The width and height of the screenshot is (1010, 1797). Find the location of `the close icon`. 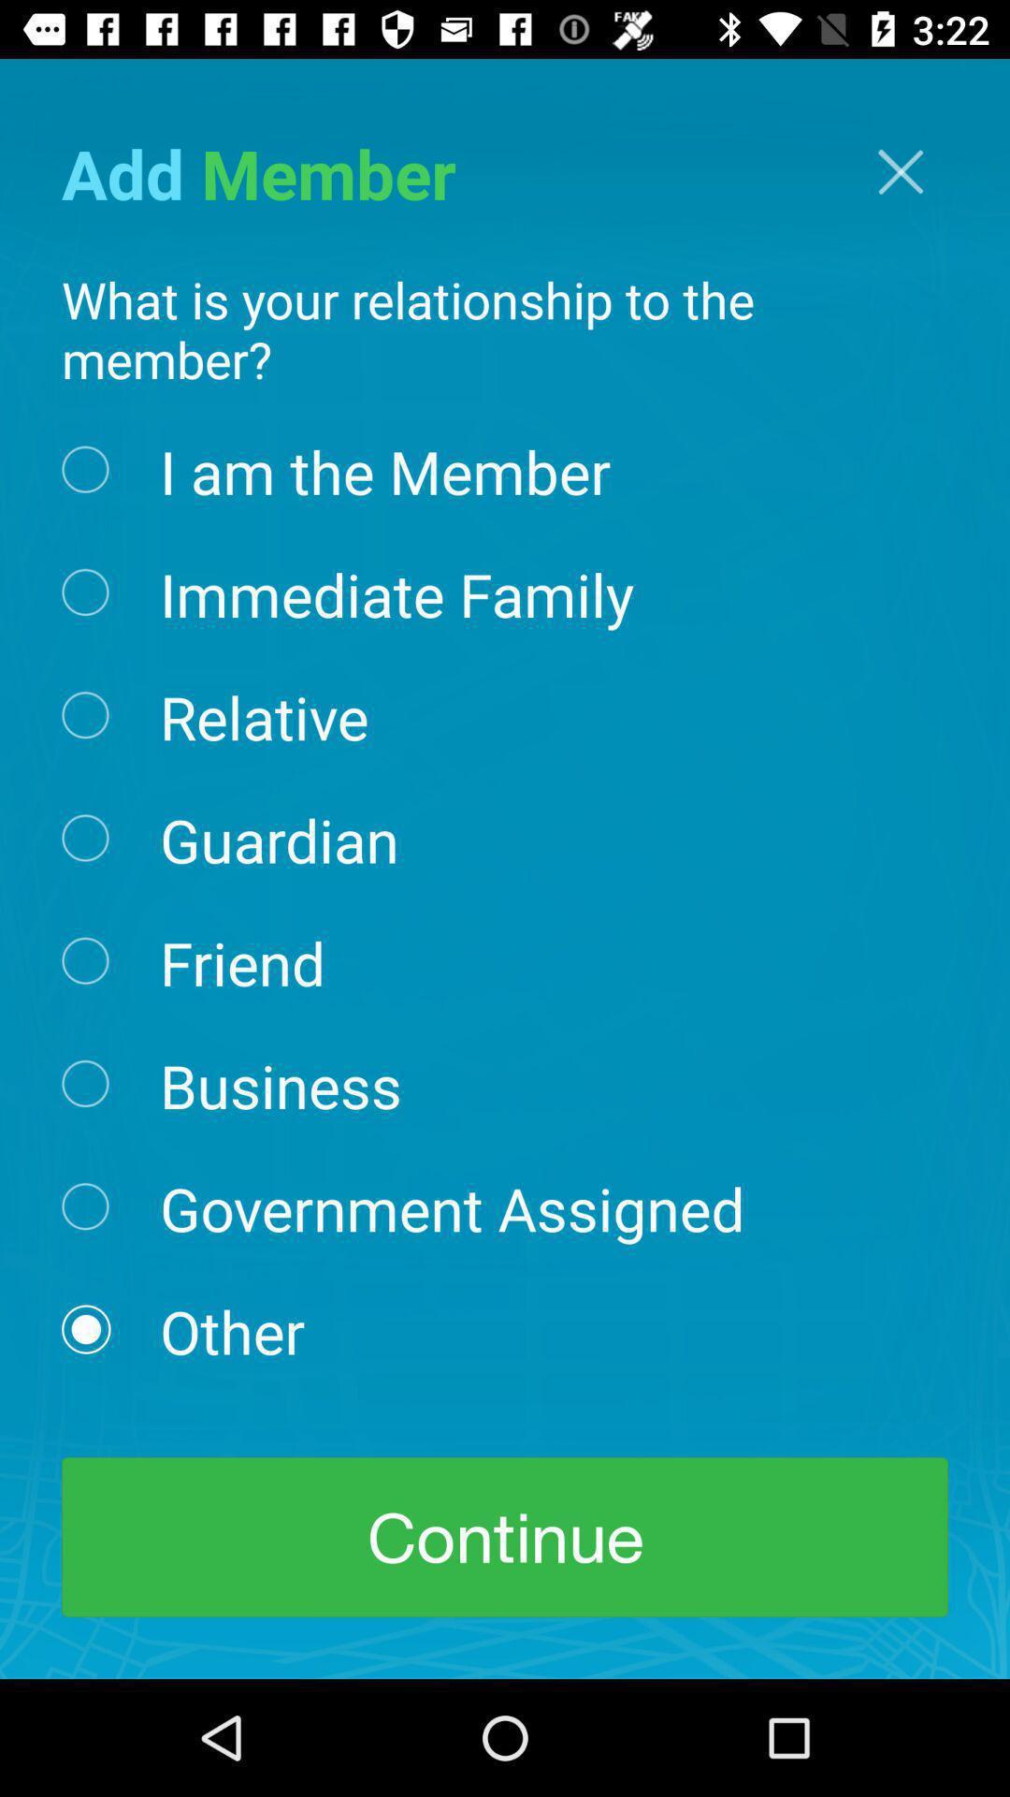

the close icon is located at coordinates (900, 171).